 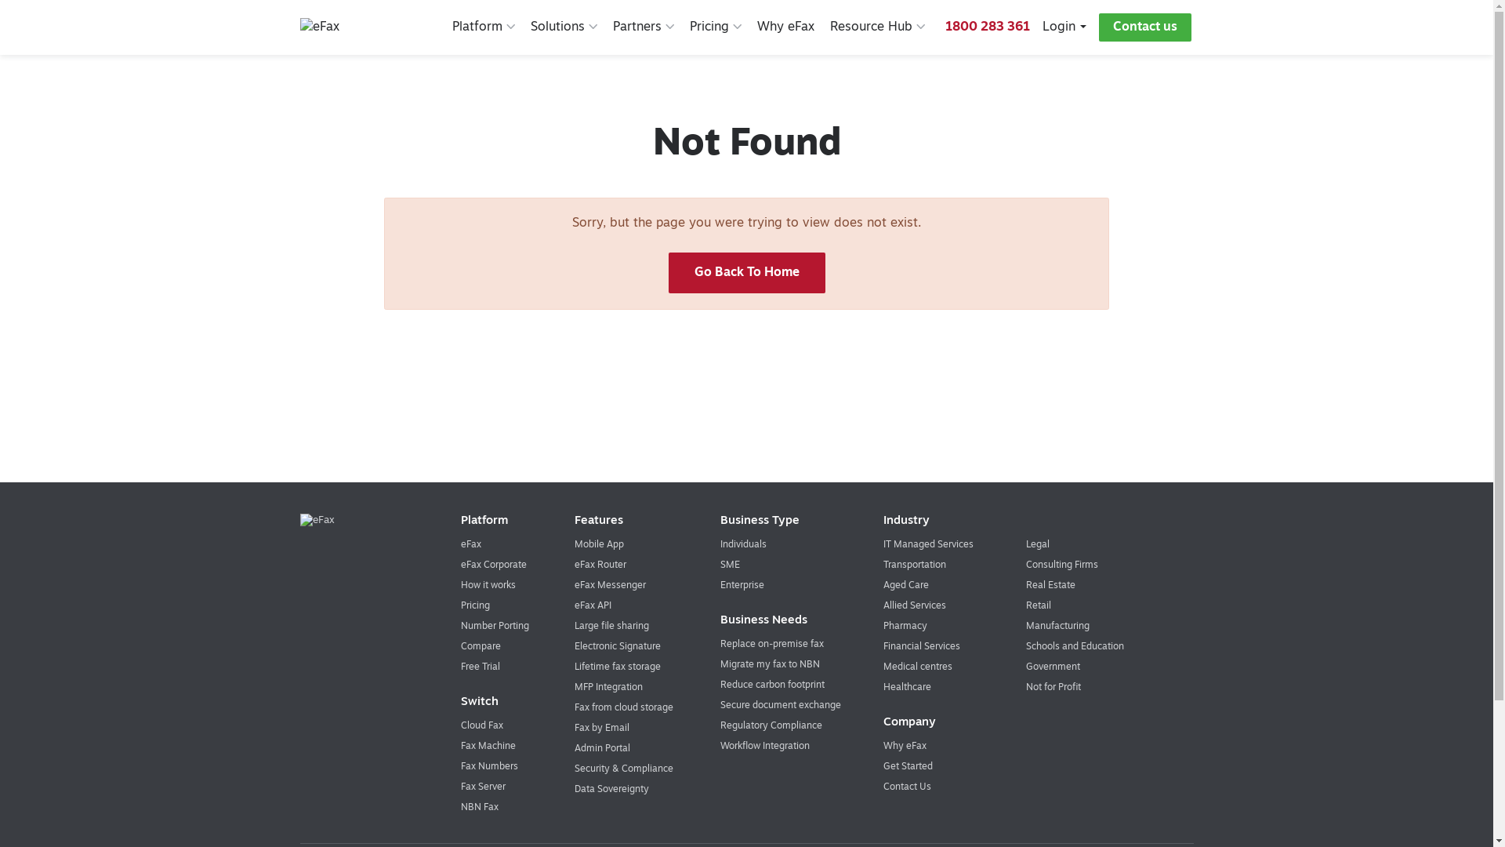 What do you see at coordinates (623, 768) in the screenshot?
I see `'Security & Compliance'` at bounding box center [623, 768].